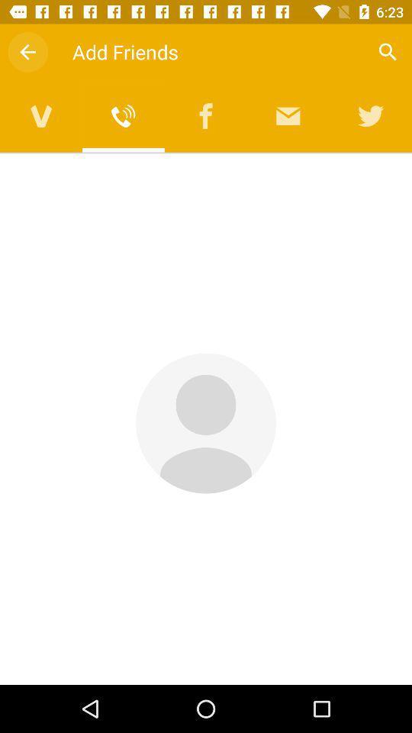 The height and width of the screenshot is (733, 412). I want to click on share on twitter, so click(370, 115).